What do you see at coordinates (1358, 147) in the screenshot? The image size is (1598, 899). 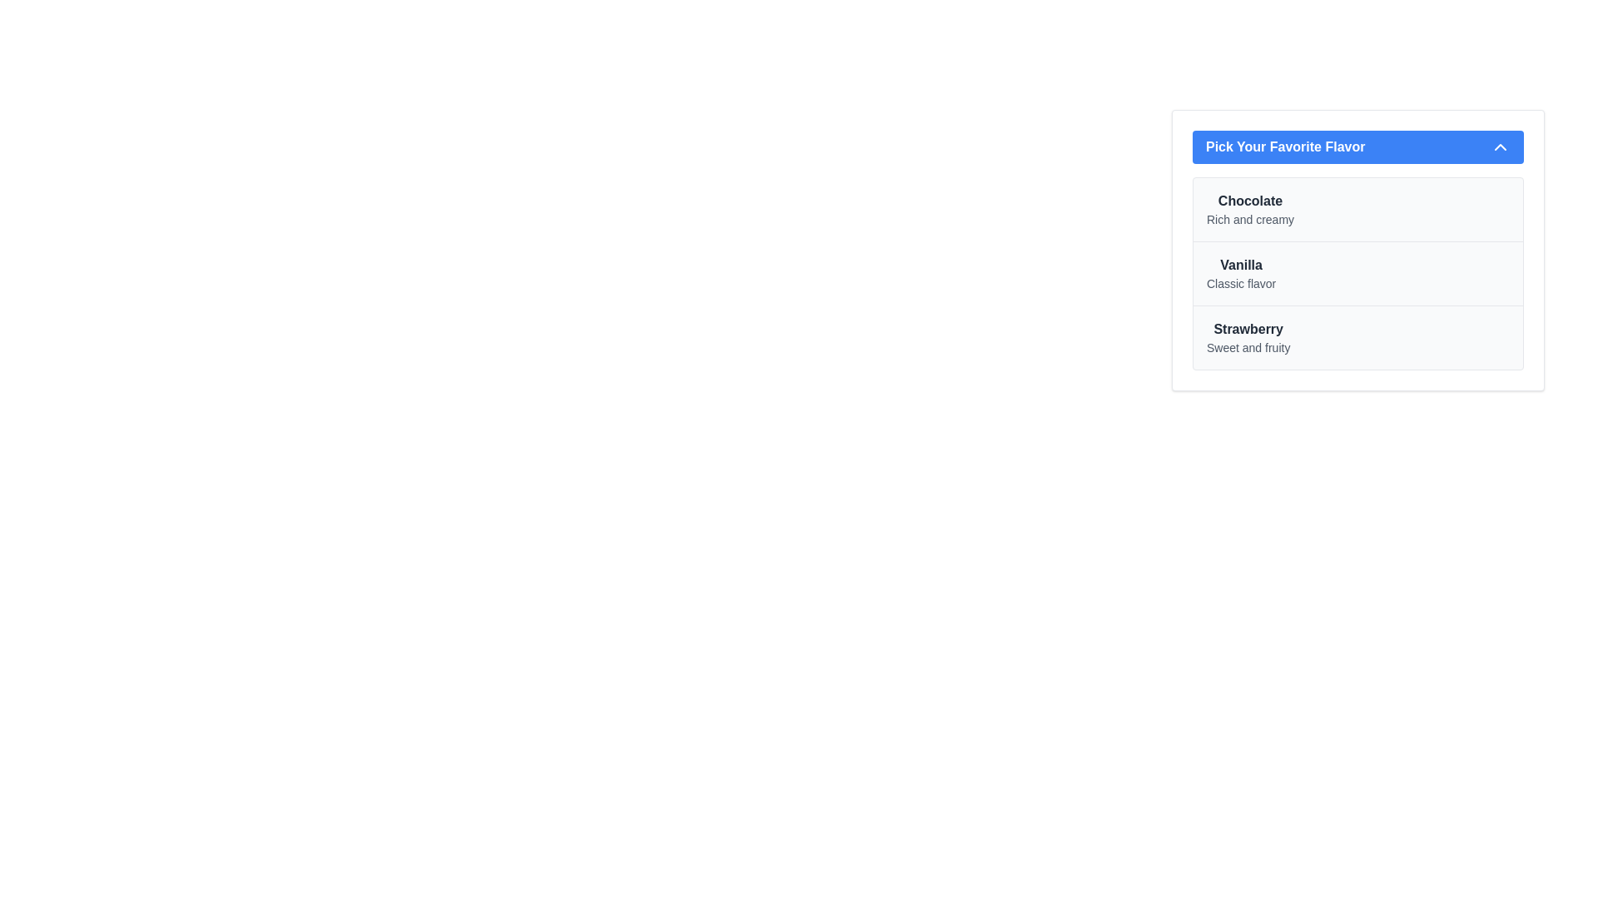 I see `the blue button labeled 'Pick Your Favorite Flavor' with rounded corners` at bounding box center [1358, 147].